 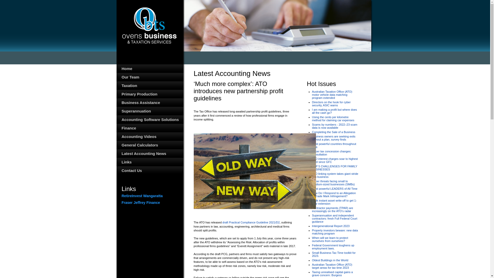 What do you see at coordinates (333, 247) in the screenshot?
I see `'Federal Government toughens up employment laws.'` at bounding box center [333, 247].